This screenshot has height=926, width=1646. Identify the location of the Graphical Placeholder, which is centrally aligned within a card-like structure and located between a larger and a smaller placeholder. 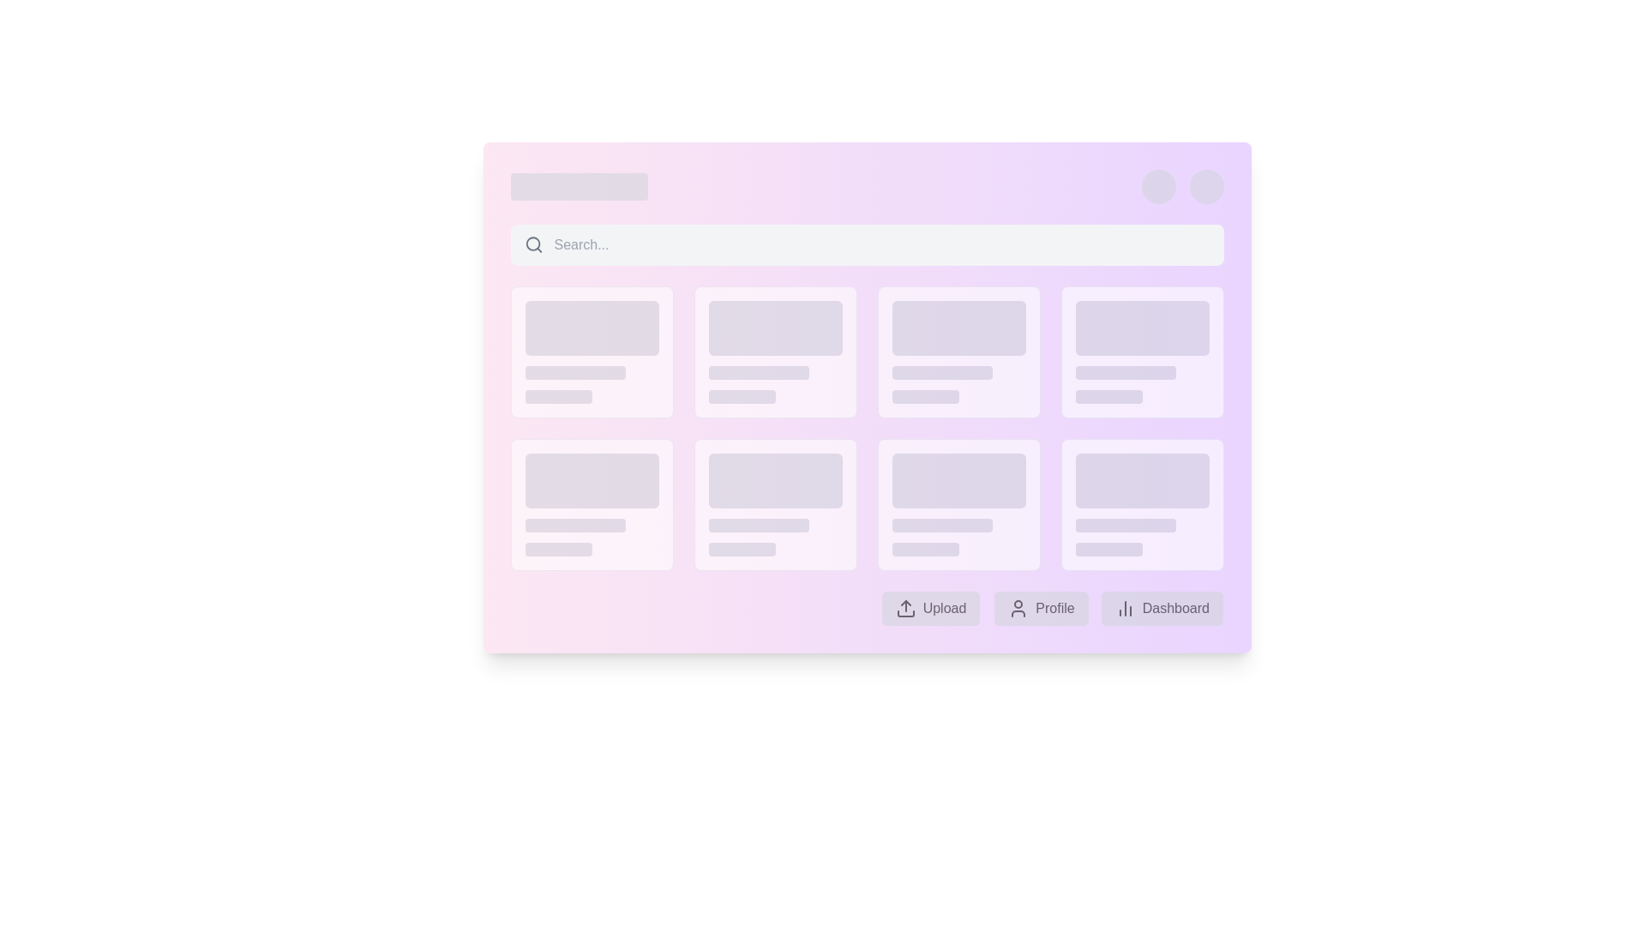
(575, 525).